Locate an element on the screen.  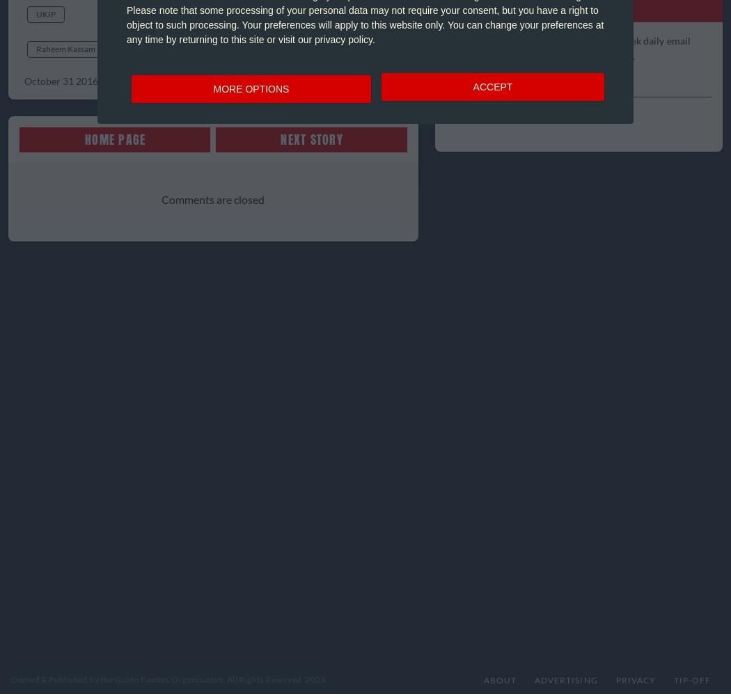
'Owned & Published by the Guido Fawkes Organisation. All Rights Reserved' is located at coordinates (157, 679).